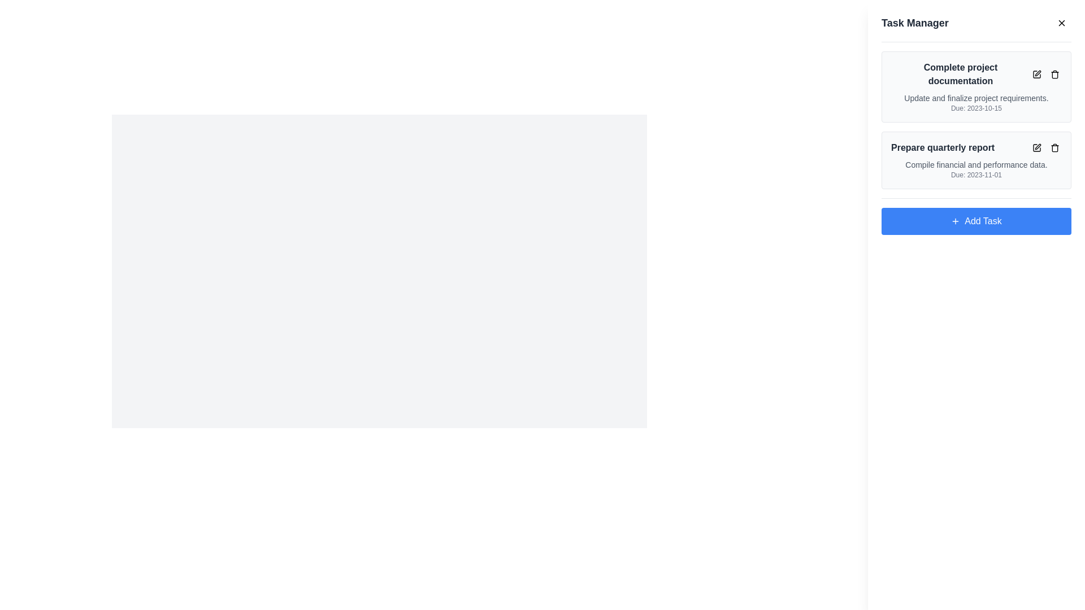 The width and height of the screenshot is (1085, 610). I want to click on the trash bin icon, which visually represents the delete action for removing a task item, so click(1054, 147).